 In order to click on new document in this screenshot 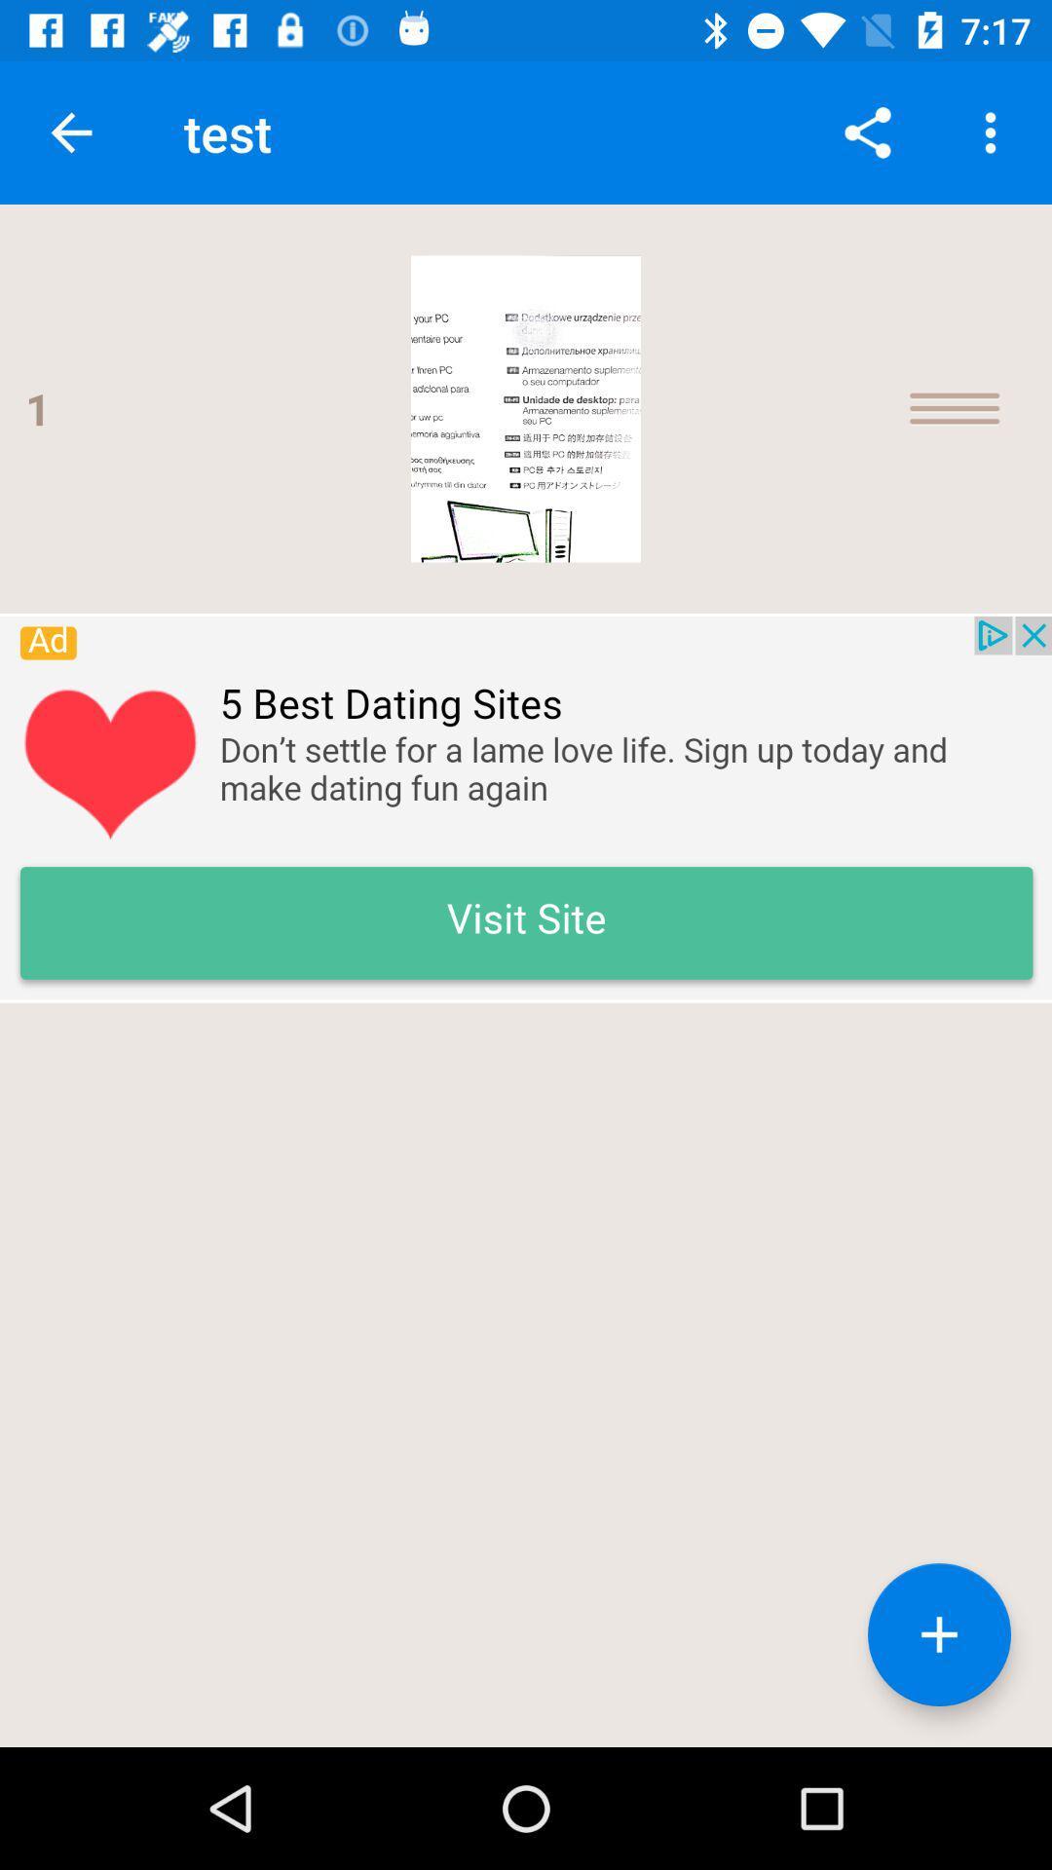, I will do `click(938, 1634)`.